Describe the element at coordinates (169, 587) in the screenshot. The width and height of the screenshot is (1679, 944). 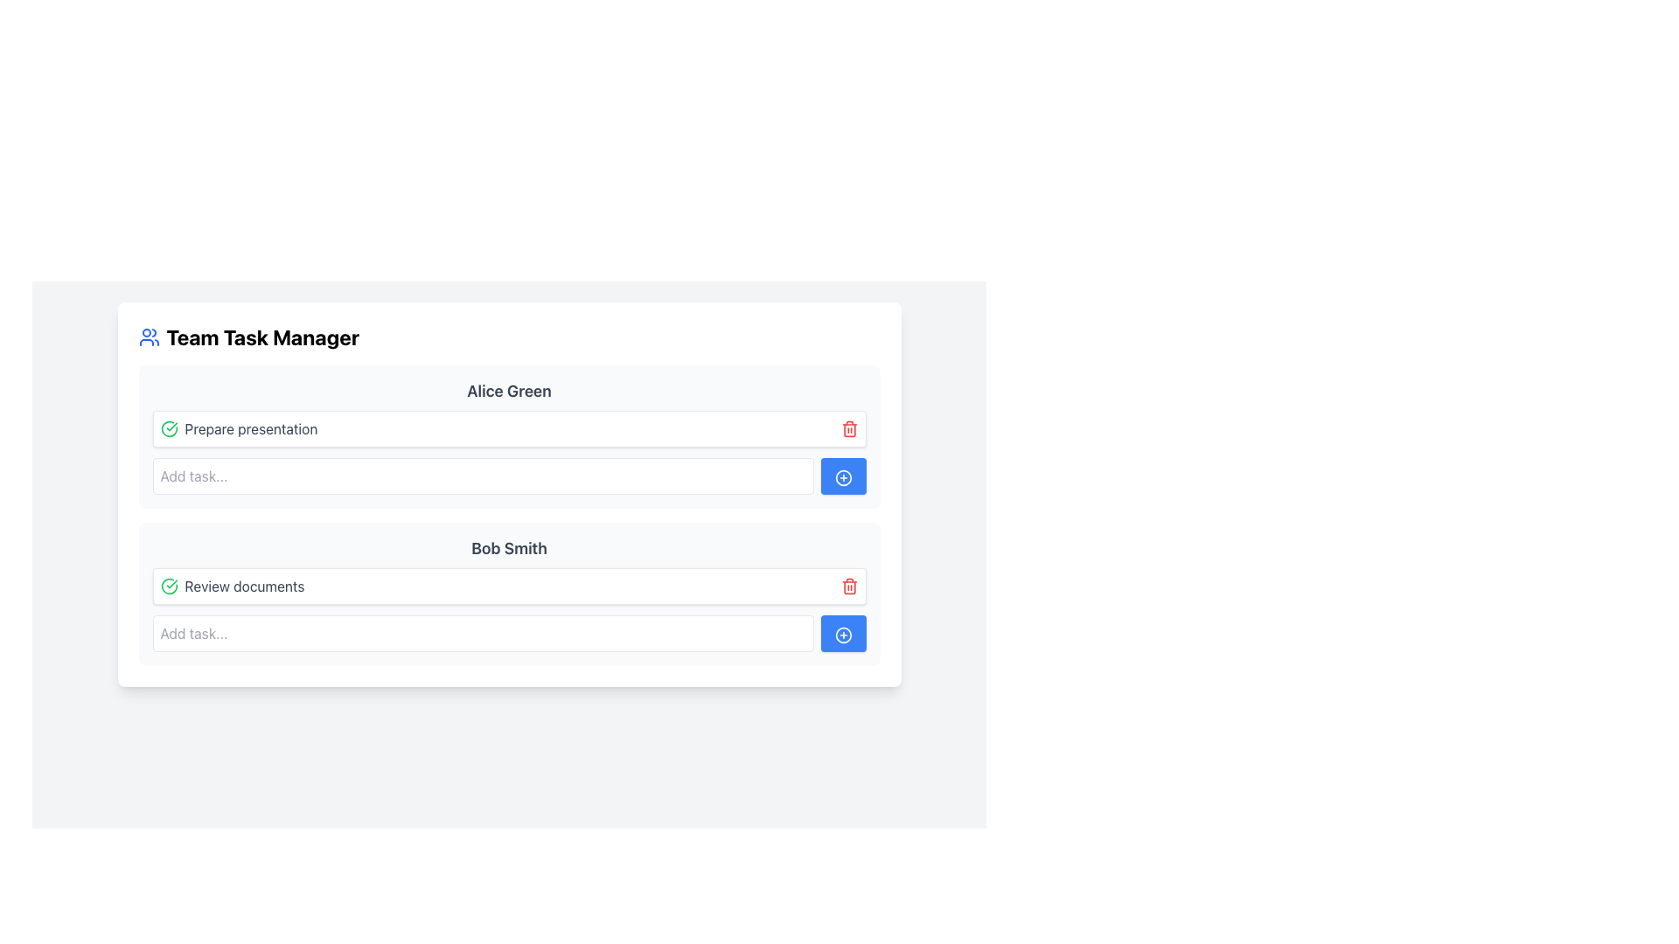
I see `the green circular icon with a checkmark located to the left of the 'Review documents' text in the task list for 'Bob Smith.'` at that location.